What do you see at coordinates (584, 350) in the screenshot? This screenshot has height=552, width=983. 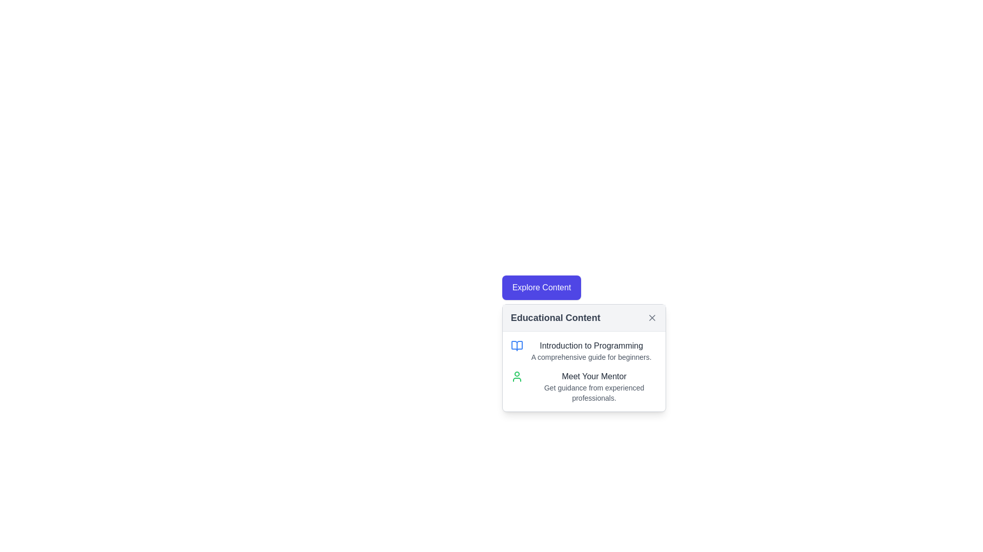 I see `the informational text block titled 'Introduction to Programming' within the 'Educational Content' card` at bounding box center [584, 350].